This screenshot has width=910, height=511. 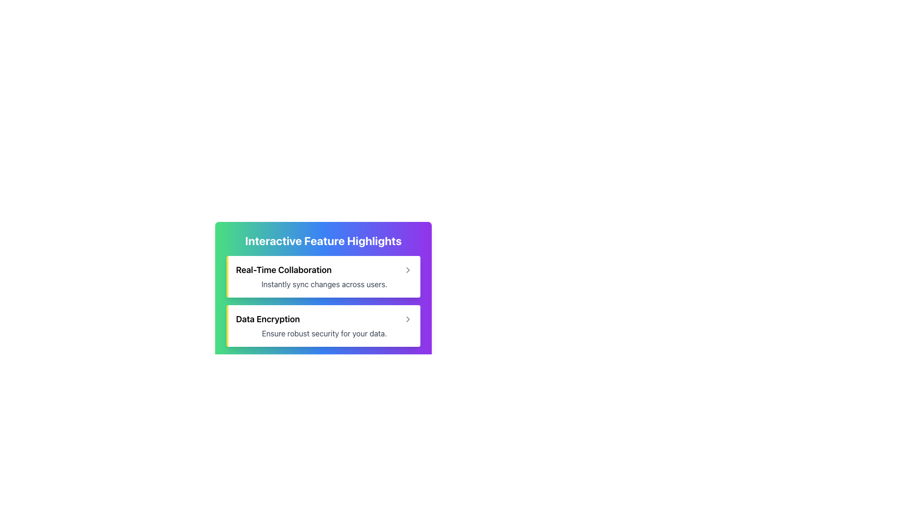 What do you see at coordinates (283, 270) in the screenshot?
I see `the bold, black text label stating 'Real-Time Collaboration' prominently displayed in the top left corner of the 'Interactive Feature Highlights' card` at bounding box center [283, 270].